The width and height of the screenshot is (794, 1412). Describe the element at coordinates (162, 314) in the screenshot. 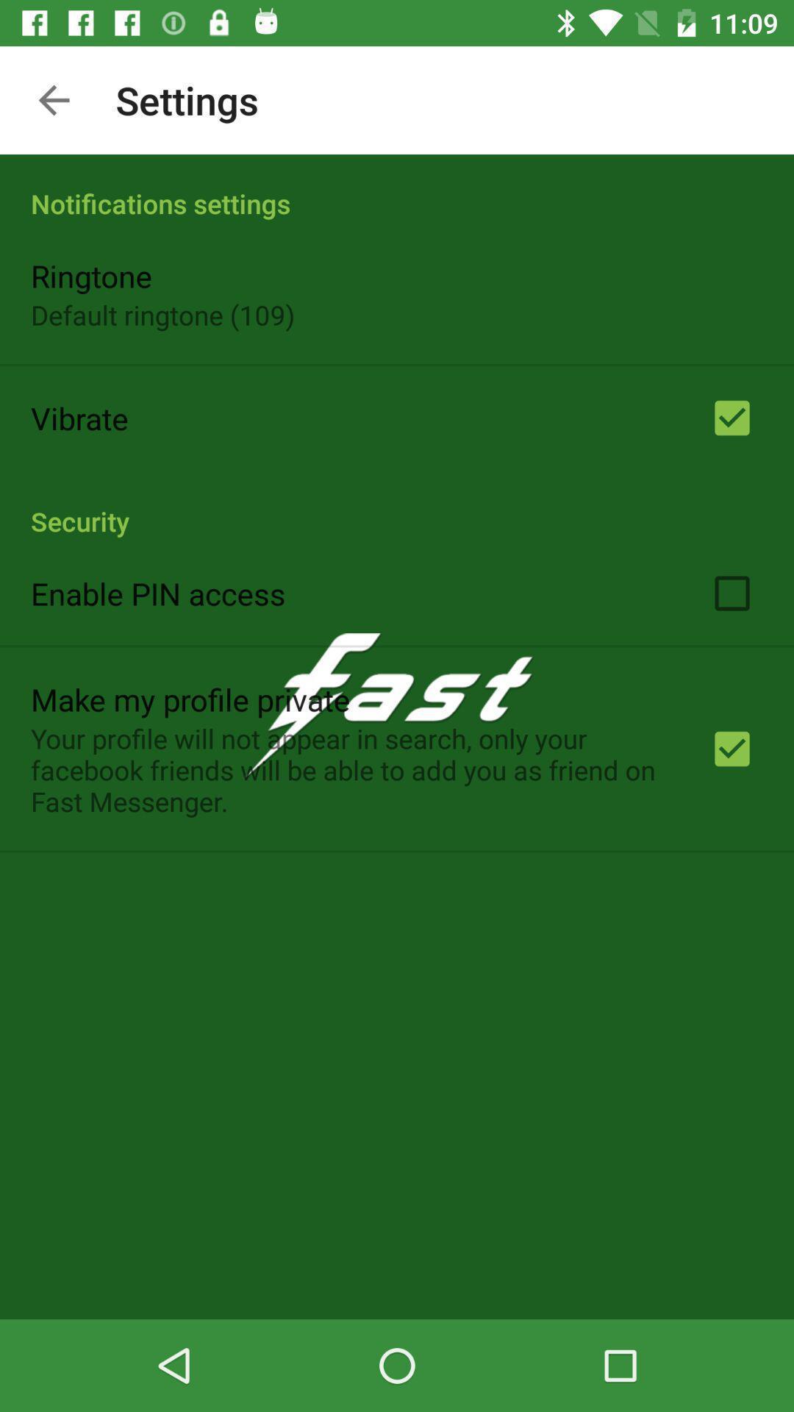

I see `the item below ringtone` at that location.